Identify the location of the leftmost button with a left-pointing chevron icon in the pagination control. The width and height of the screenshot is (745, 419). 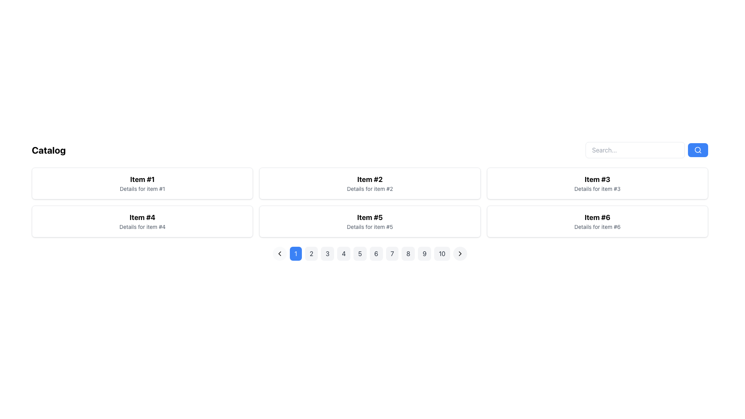
(279, 254).